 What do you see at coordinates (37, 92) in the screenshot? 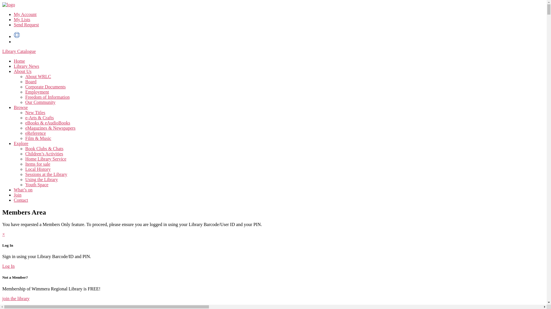
I see `'Employment'` at bounding box center [37, 92].